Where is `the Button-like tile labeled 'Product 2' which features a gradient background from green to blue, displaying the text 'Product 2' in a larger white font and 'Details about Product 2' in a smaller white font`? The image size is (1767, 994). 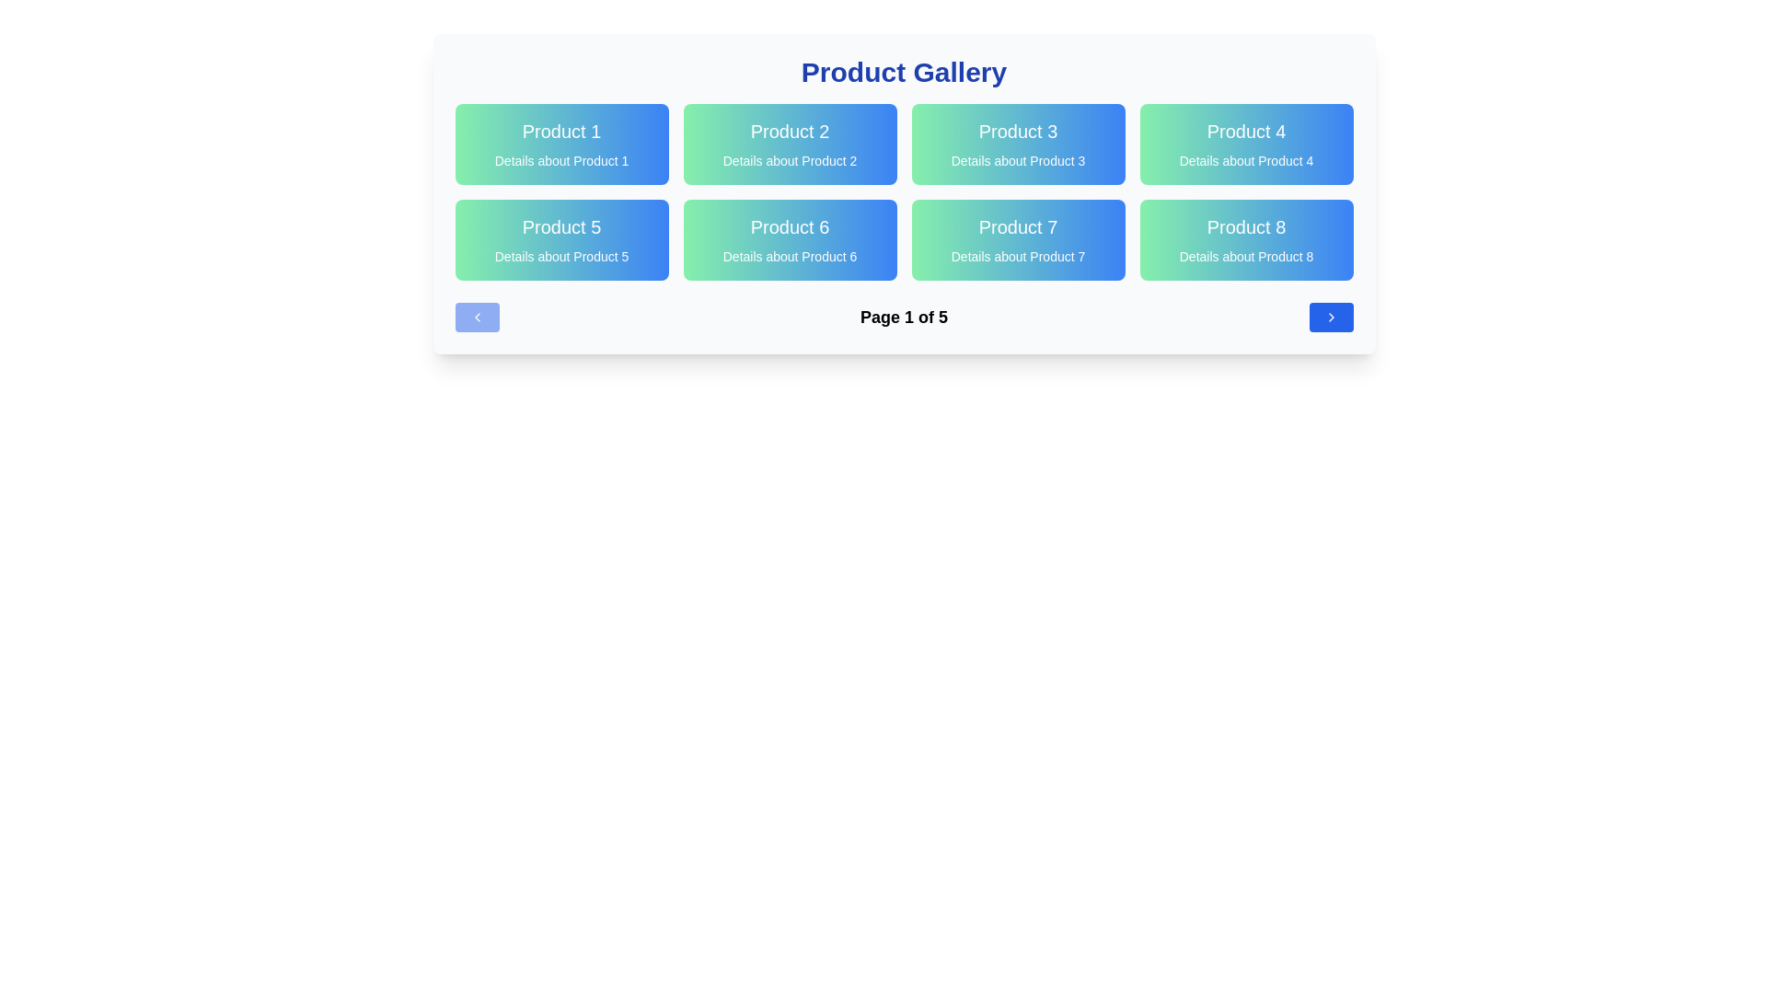
the Button-like tile labeled 'Product 2' which features a gradient background from green to blue, displaying the text 'Product 2' in a larger white font and 'Details about Product 2' in a smaller white font is located at coordinates (790, 144).